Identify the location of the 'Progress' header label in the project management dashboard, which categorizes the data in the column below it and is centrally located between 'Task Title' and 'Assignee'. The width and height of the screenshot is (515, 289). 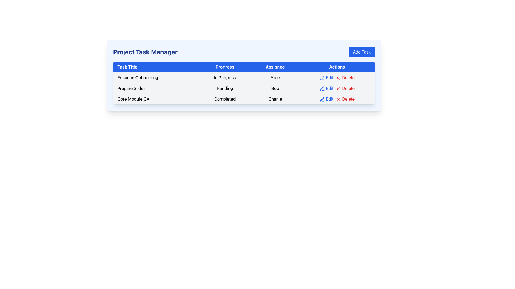
(225, 67).